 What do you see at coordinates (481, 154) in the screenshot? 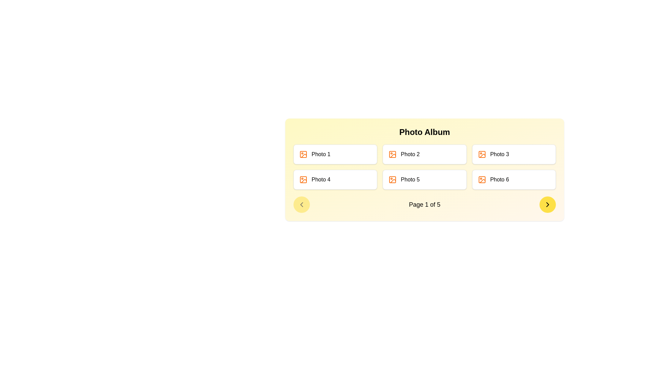
I see `the icon indicating an image or photo within the 'Photo 3' card located in the top-right area of the multi-card layout for interaction` at bounding box center [481, 154].